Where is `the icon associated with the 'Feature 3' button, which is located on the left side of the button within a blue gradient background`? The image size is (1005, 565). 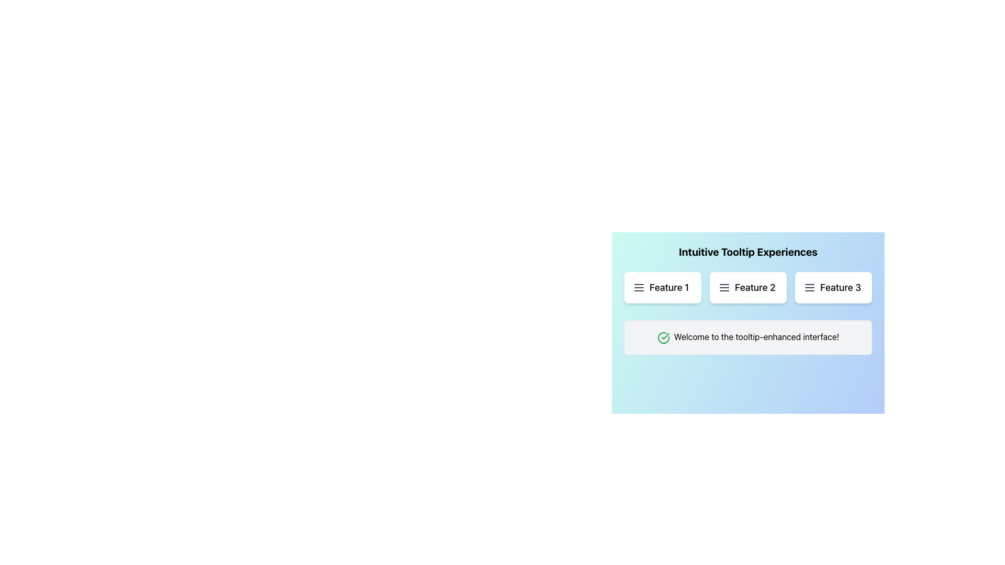
the icon associated with the 'Feature 3' button, which is located on the left side of the button within a blue gradient background is located at coordinates (809, 288).